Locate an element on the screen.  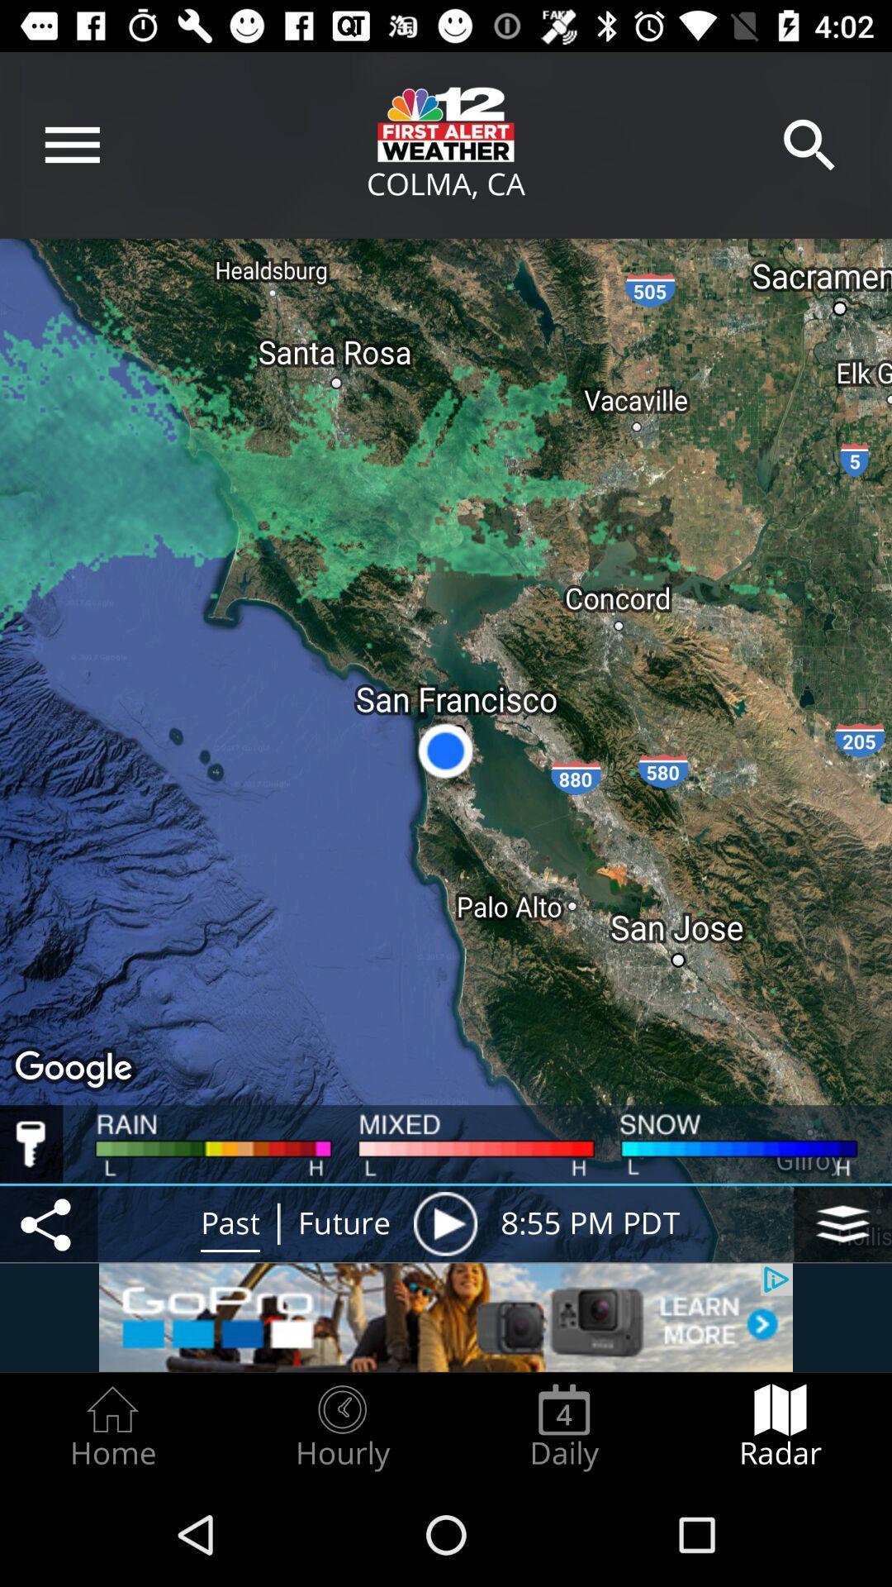
the layers icon is located at coordinates (842, 1223).